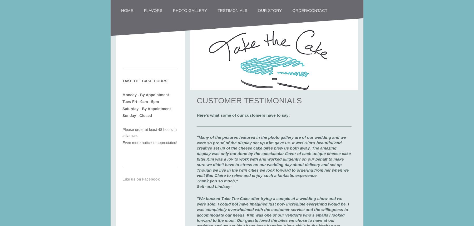  Describe the element at coordinates (190, 10) in the screenshot. I see `'Photo Gallery'` at that location.